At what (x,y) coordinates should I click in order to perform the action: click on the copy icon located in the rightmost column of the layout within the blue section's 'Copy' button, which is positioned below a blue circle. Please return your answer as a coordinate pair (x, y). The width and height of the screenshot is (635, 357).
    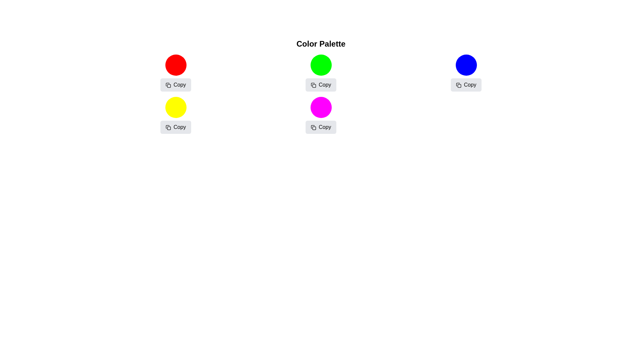
    Looking at the image, I should click on (458, 85).